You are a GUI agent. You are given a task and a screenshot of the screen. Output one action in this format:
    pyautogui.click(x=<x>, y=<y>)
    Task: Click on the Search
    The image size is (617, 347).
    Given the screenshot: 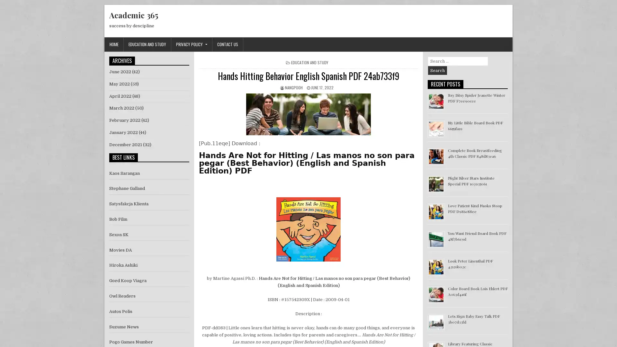 What is the action you would take?
    pyautogui.click(x=437, y=70)
    